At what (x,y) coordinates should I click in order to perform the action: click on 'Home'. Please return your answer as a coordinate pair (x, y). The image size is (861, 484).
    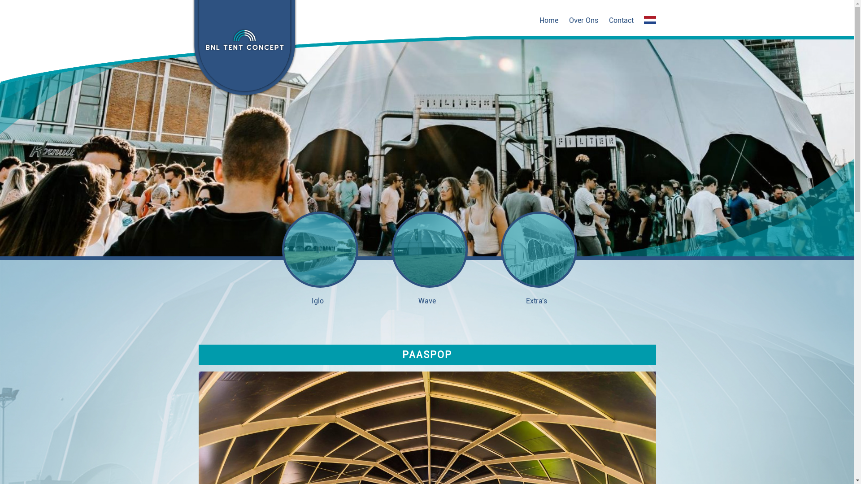
    Looking at the image, I should click on (538, 20).